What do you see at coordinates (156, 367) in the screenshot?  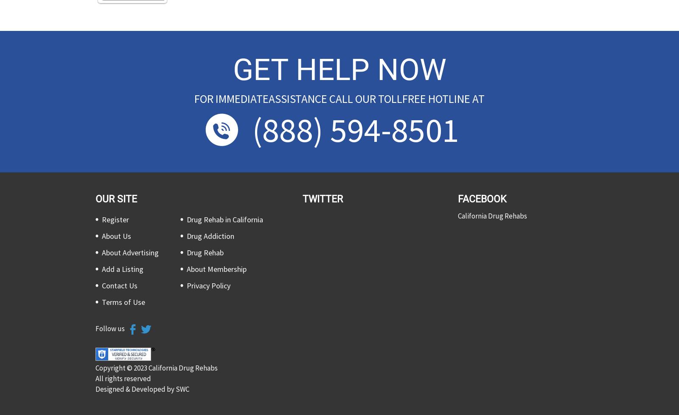 I see `'Copyright © 2023 California Drug Rehabs'` at bounding box center [156, 367].